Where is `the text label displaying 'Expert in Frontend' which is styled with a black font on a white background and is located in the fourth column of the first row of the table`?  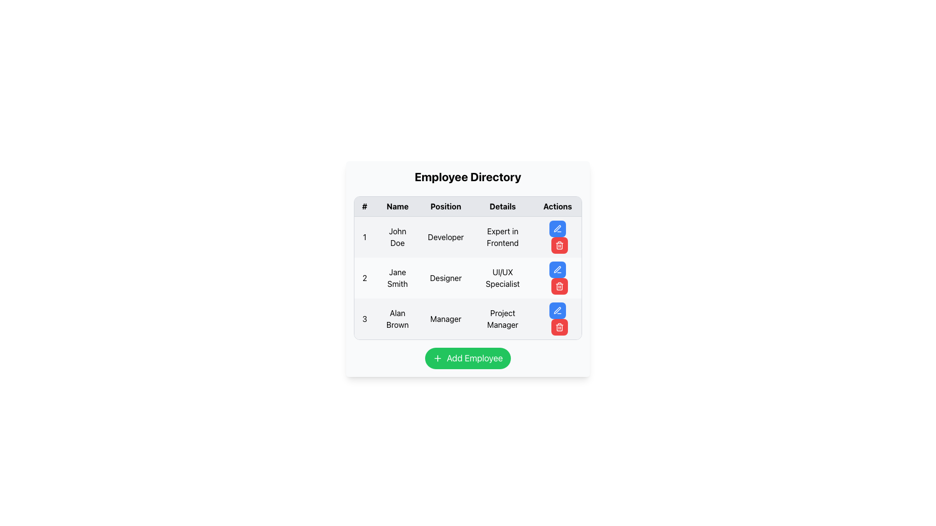 the text label displaying 'Expert in Frontend' which is styled with a black font on a white background and is located in the fourth column of the first row of the table is located at coordinates (503, 237).